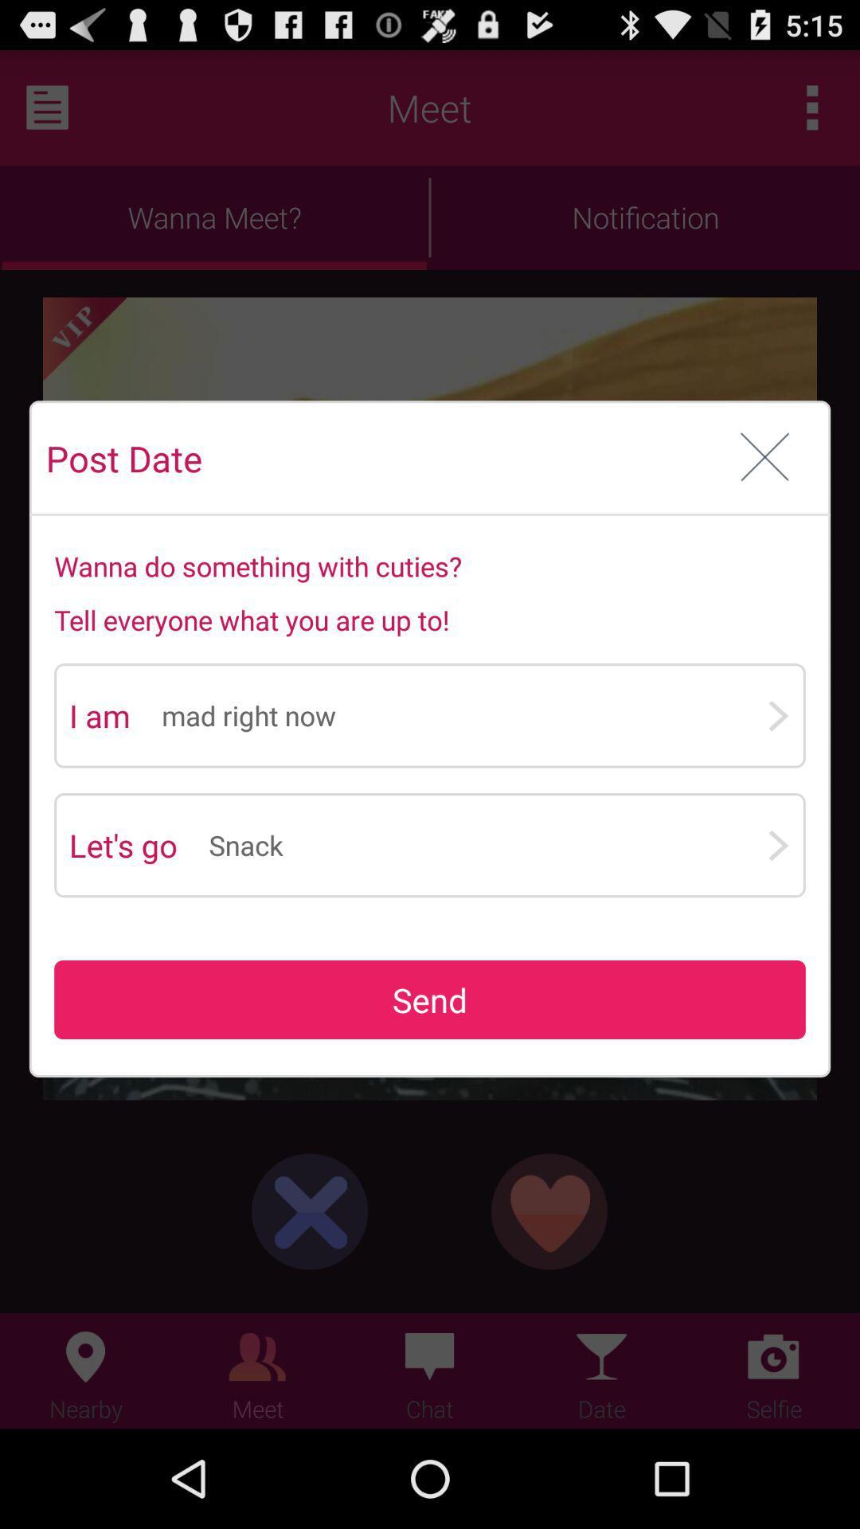 Image resolution: width=860 pixels, height=1529 pixels. Describe the element at coordinates (764, 457) in the screenshot. I see `icon at the top right corner` at that location.